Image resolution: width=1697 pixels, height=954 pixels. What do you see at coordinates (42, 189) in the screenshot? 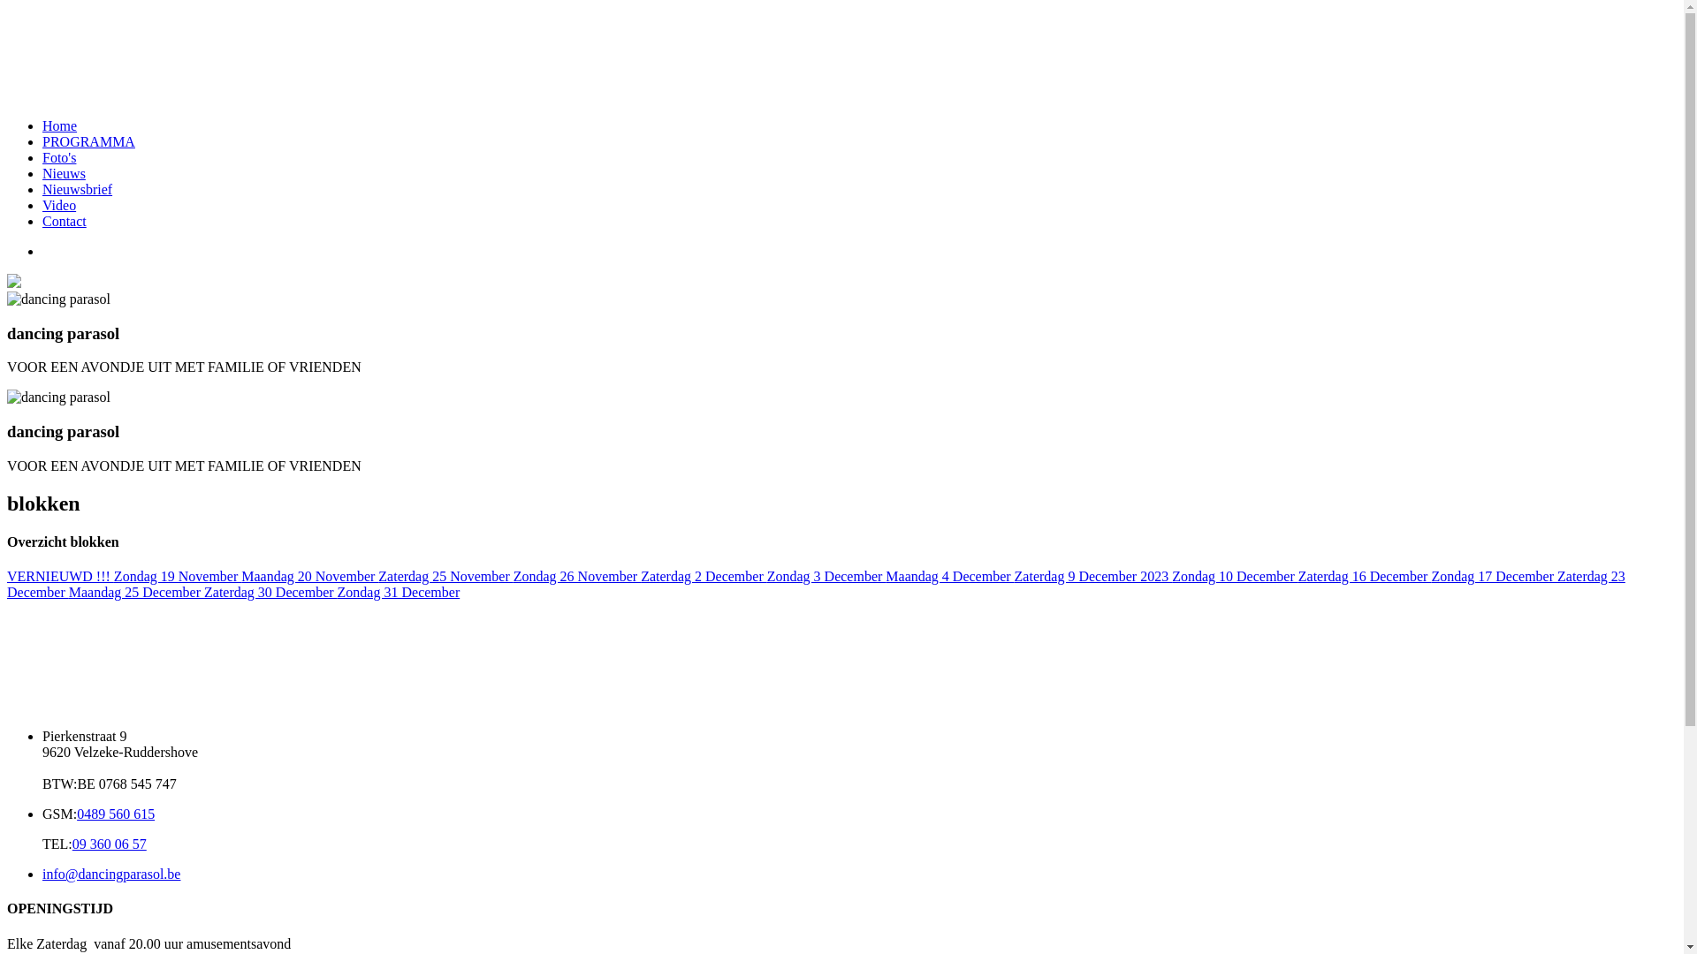
I see `'Nieuwsbrief'` at bounding box center [42, 189].